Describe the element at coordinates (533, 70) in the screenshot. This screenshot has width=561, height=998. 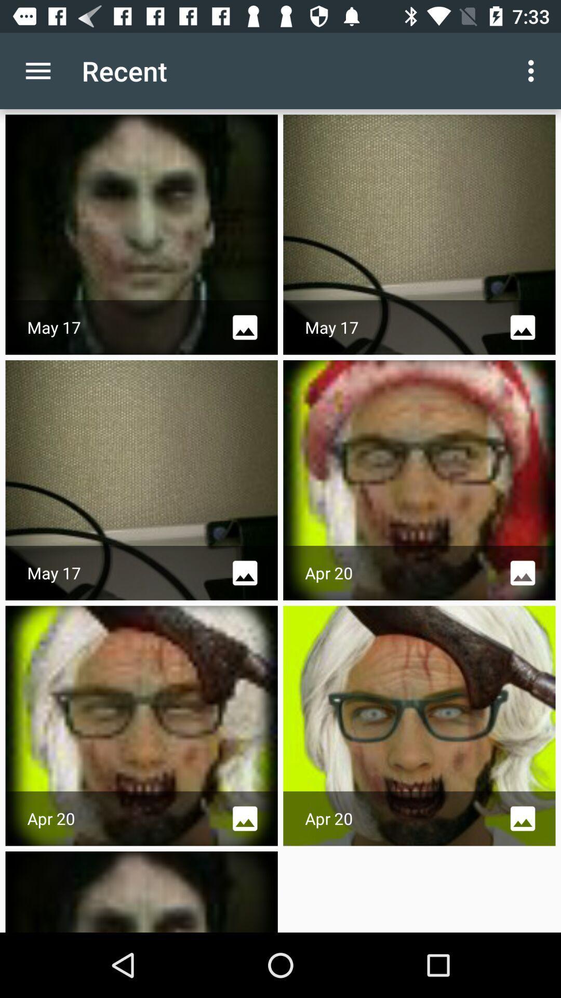
I see `the app next to the recent item` at that location.